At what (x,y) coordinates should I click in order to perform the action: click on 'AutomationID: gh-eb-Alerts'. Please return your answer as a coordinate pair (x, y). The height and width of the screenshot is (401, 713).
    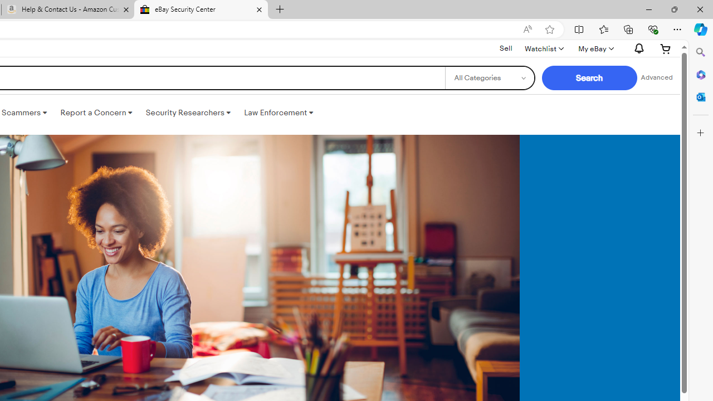
    Looking at the image, I should click on (637, 48).